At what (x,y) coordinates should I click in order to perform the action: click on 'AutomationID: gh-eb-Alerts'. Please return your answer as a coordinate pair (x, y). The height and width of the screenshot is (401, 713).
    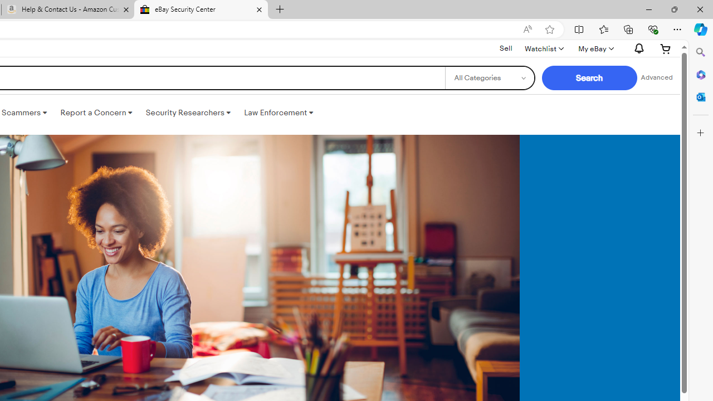
    Looking at the image, I should click on (637, 48).